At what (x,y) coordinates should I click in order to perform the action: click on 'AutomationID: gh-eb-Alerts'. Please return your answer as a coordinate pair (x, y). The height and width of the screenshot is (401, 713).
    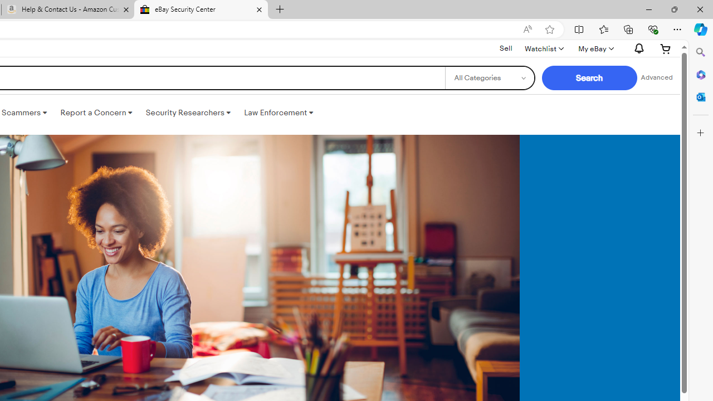
    Looking at the image, I should click on (637, 48).